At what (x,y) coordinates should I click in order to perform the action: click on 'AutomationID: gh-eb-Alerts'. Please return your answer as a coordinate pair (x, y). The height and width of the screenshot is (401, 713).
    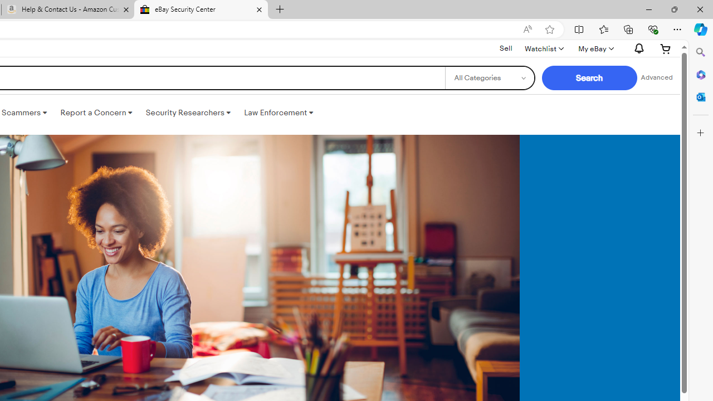
    Looking at the image, I should click on (637, 48).